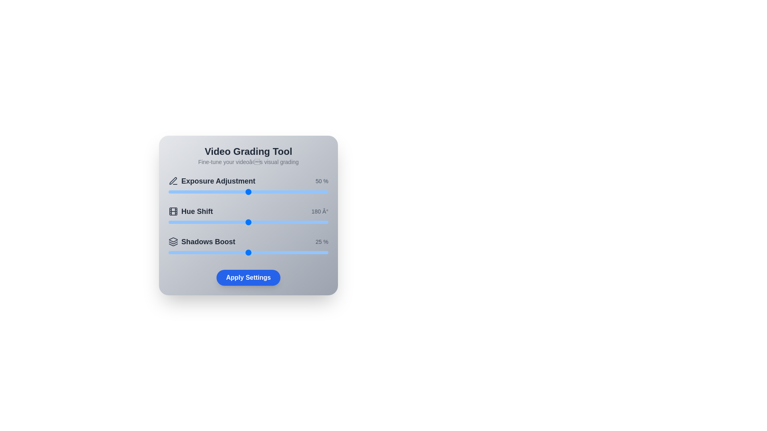  I want to click on the film strip icon located in the 'Hue Shift' section, which is represented by a dark gray rectangular shape with vertical dividing lines, positioned to the left of the text 'Hue Shift', so click(173, 211).